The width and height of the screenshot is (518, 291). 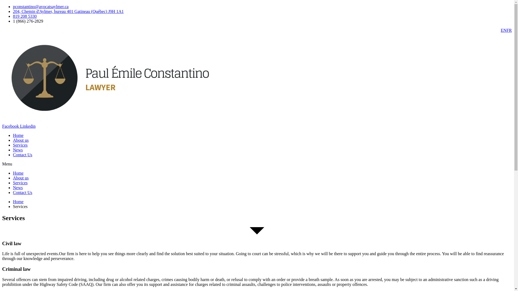 What do you see at coordinates (509, 30) in the screenshot?
I see `'FR'` at bounding box center [509, 30].